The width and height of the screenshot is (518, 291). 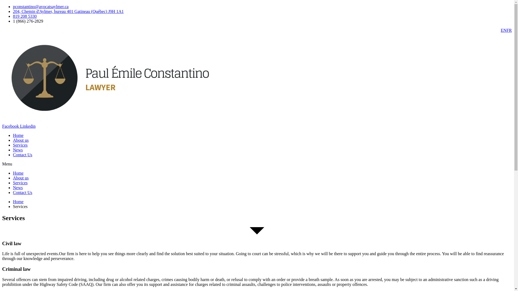 What do you see at coordinates (509, 30) in the screenshot?
I see `'FR'` at bounding box center [509, 30].